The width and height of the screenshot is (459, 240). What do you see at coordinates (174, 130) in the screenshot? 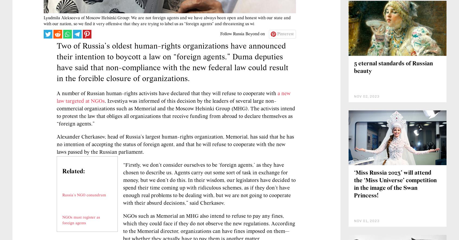
I see `'a new law targeted at NGOs'` at bounding box center [174, 130].